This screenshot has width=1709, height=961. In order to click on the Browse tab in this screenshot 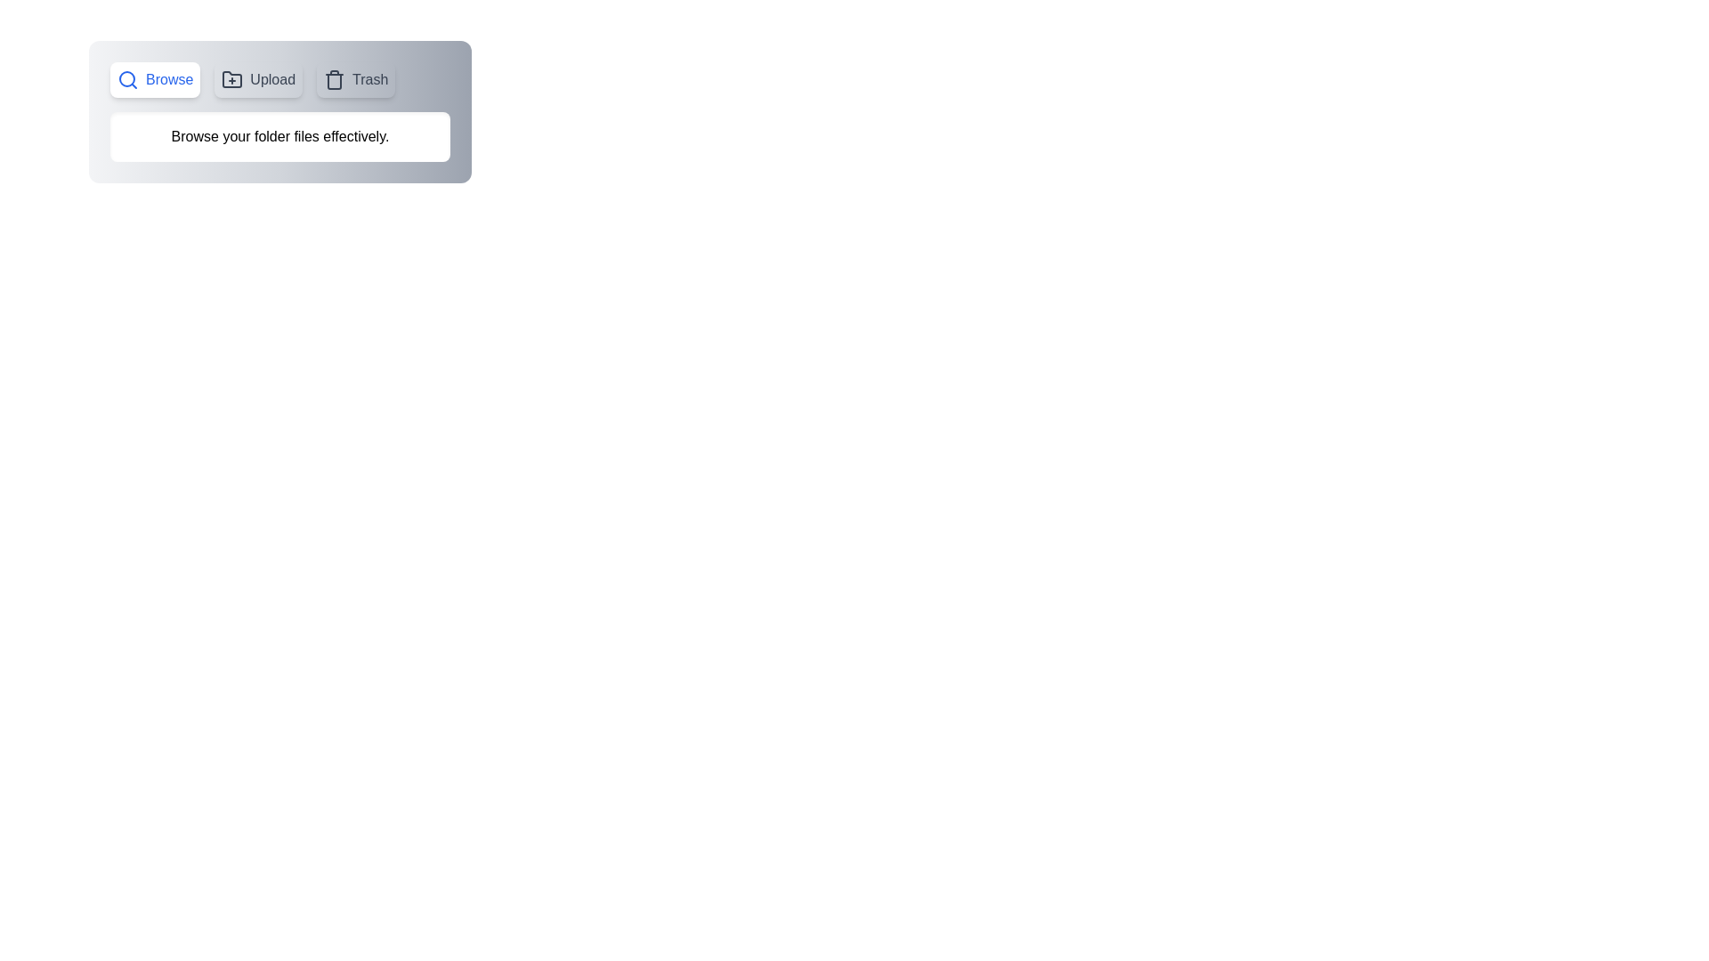, I will do `click(154, 78)`.